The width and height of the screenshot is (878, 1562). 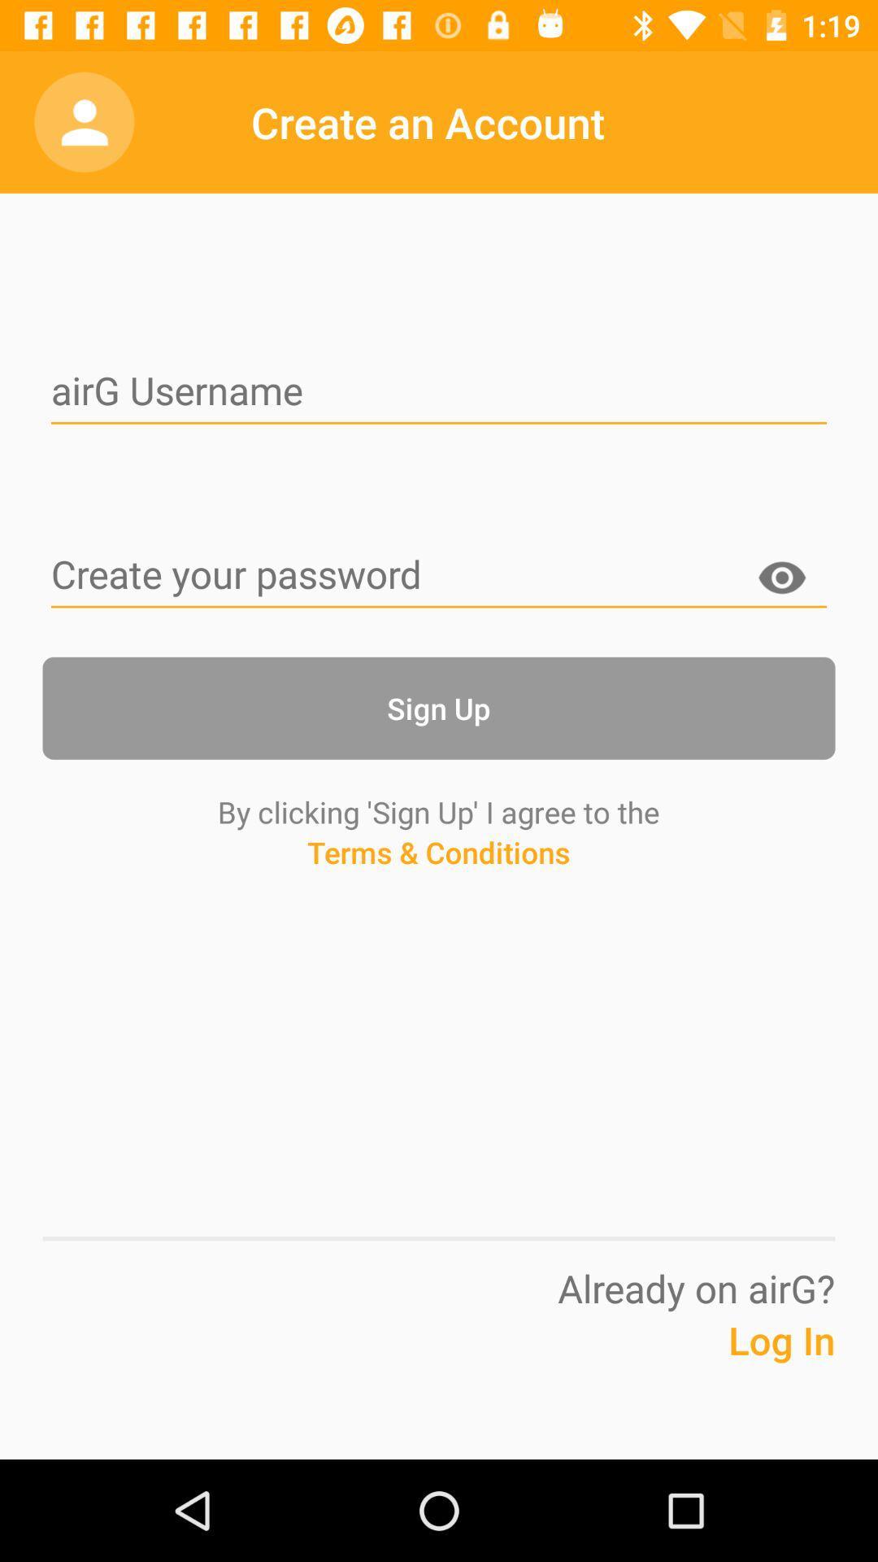 What do you see at coordinates (780, 581) in the screenshot?
I see `the item above the sign up button` at bounding box center [780, 581].